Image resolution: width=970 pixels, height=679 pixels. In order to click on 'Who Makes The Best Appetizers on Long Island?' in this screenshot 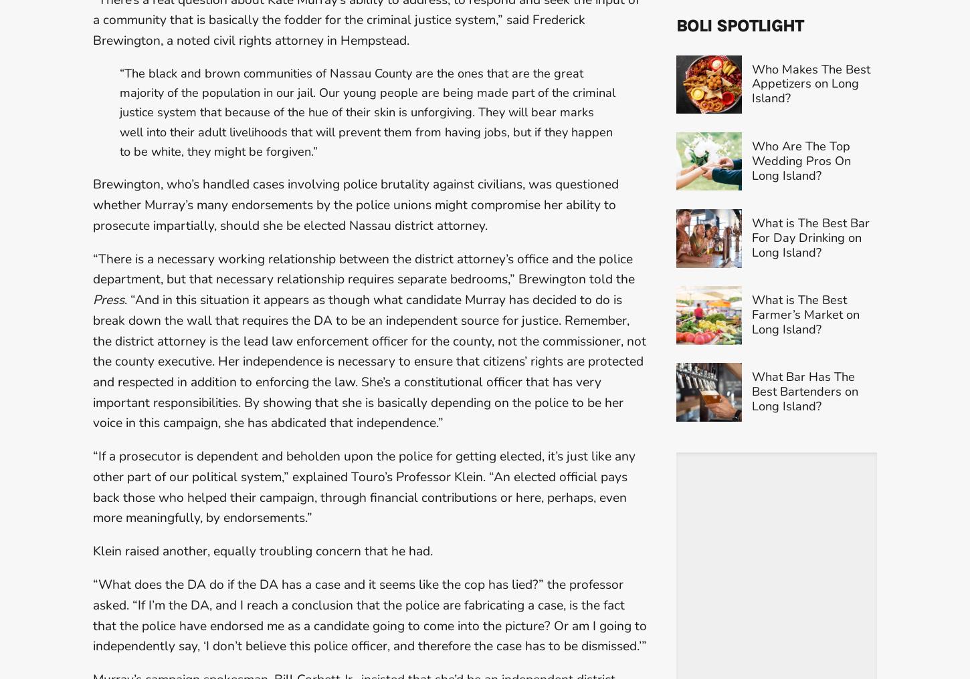, I will do `click(810, 106)`.